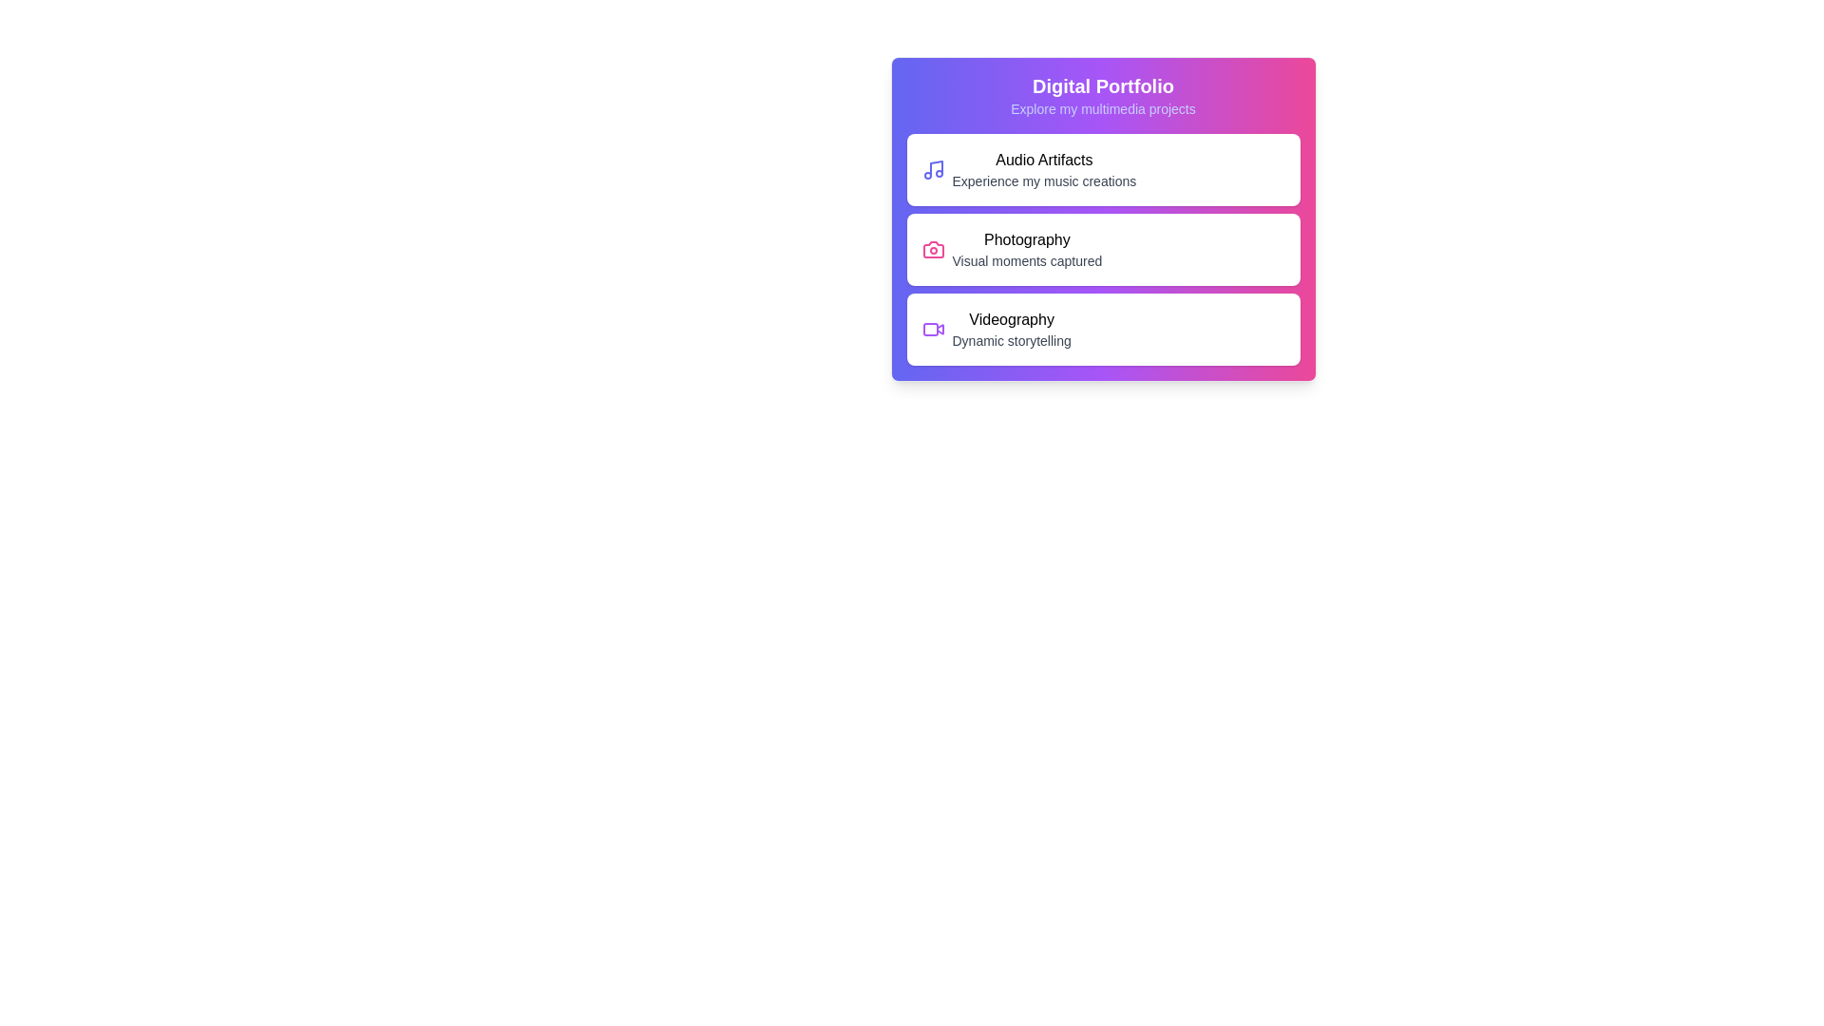 The width and height of the screenshot is (1824, 1026). Describe the element at coordinates (1011, 318) in the screenshot. I see `text label indicating the title of the 'Videography' section, located above the subtitle 'Dynamic storytelling' in the third card of a vertically stacked group of cards` at that location.